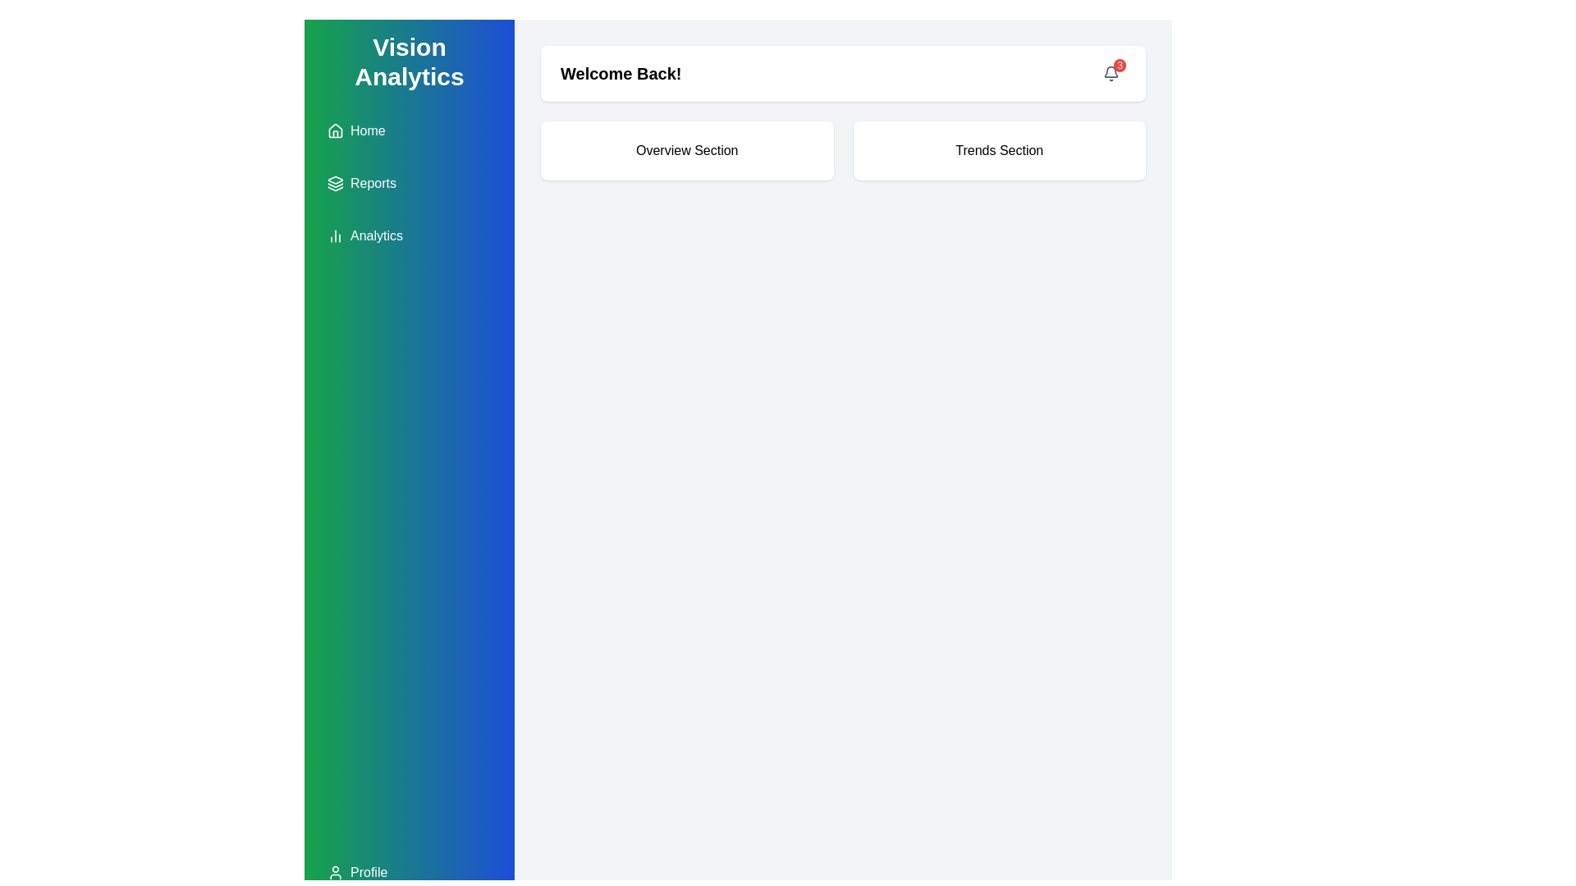 This screenshot has width=1576, height=886. What do you see at coordinates (334, 188) in the screenshot?
I see `the third layer segment of the layered icon located in the sidebar next to the 'Reports' label` at bounding box center [334, 188].